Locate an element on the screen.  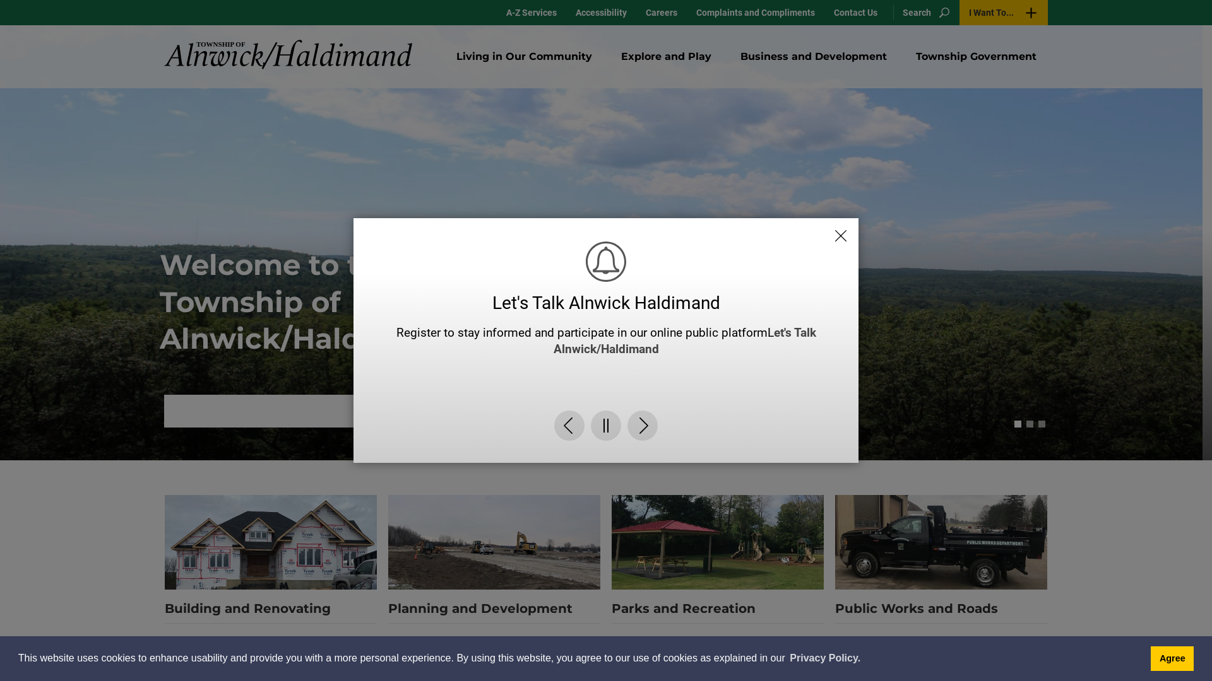
'Township Government' is located at coordinates (975, 55).